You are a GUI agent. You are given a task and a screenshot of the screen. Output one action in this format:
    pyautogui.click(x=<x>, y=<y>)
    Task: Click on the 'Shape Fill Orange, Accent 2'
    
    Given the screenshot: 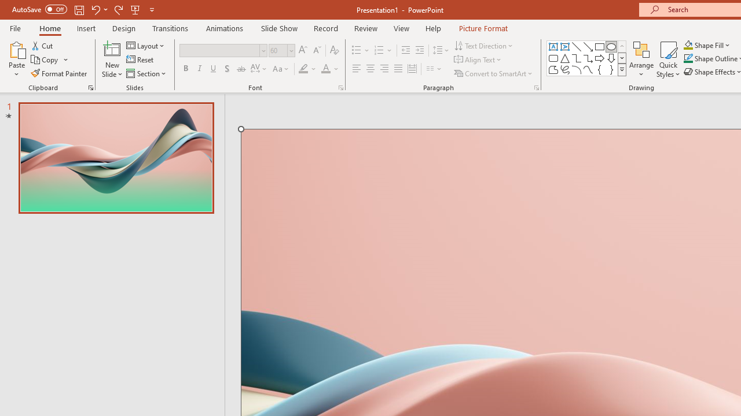 What is the action you would take?
    pyautogui.click(x=688, y=44)
    